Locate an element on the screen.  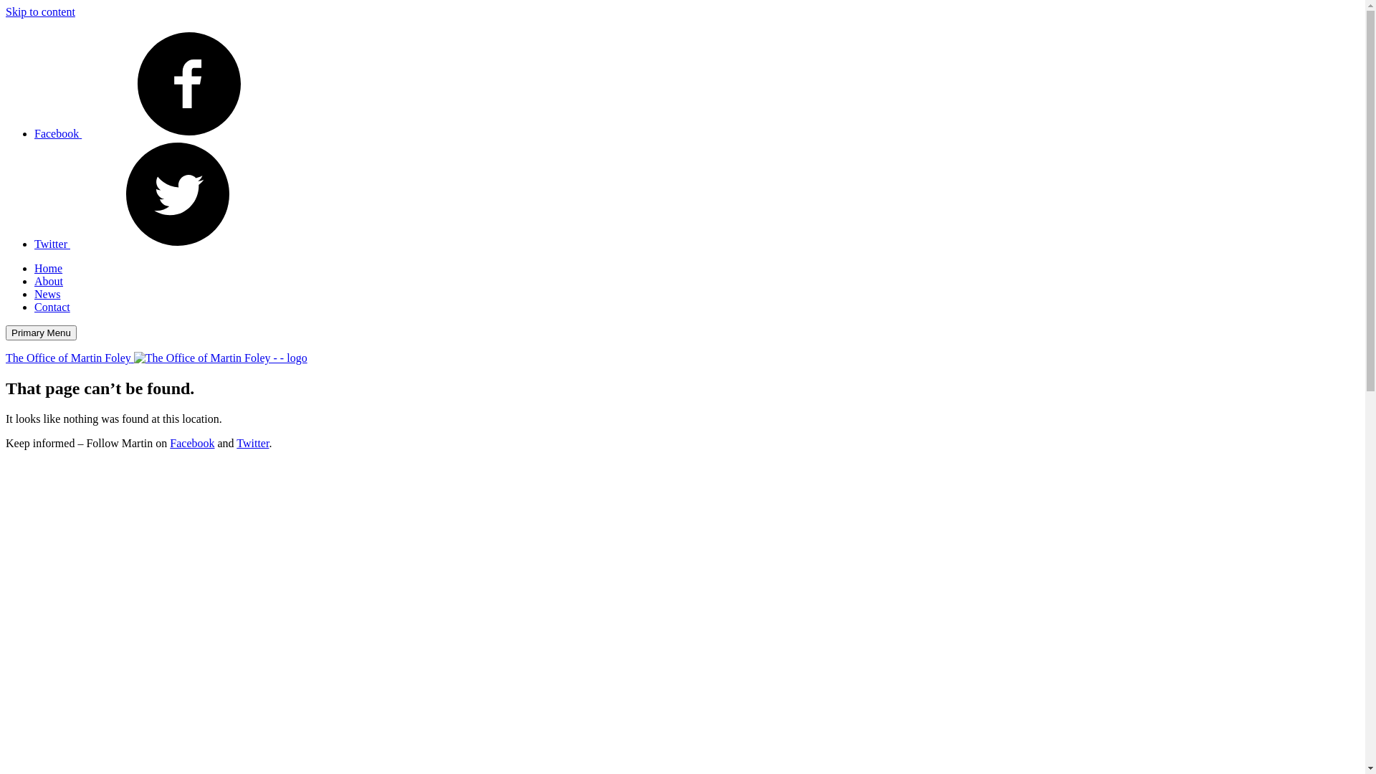
'Contact' is located at coordinates (52, 306).